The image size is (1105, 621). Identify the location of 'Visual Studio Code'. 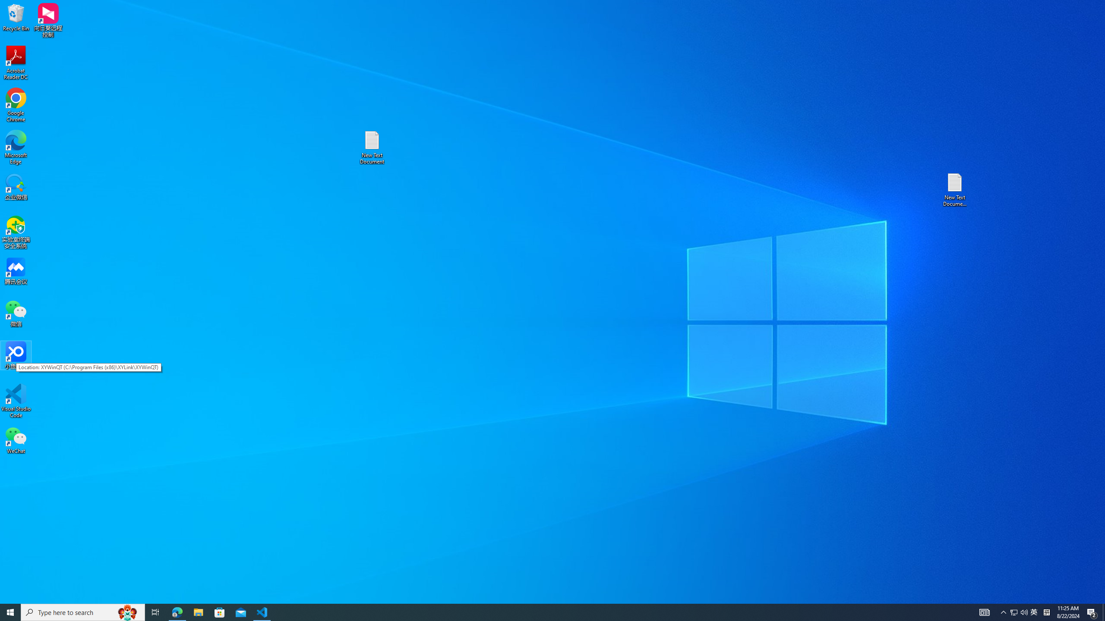
(16, 400).